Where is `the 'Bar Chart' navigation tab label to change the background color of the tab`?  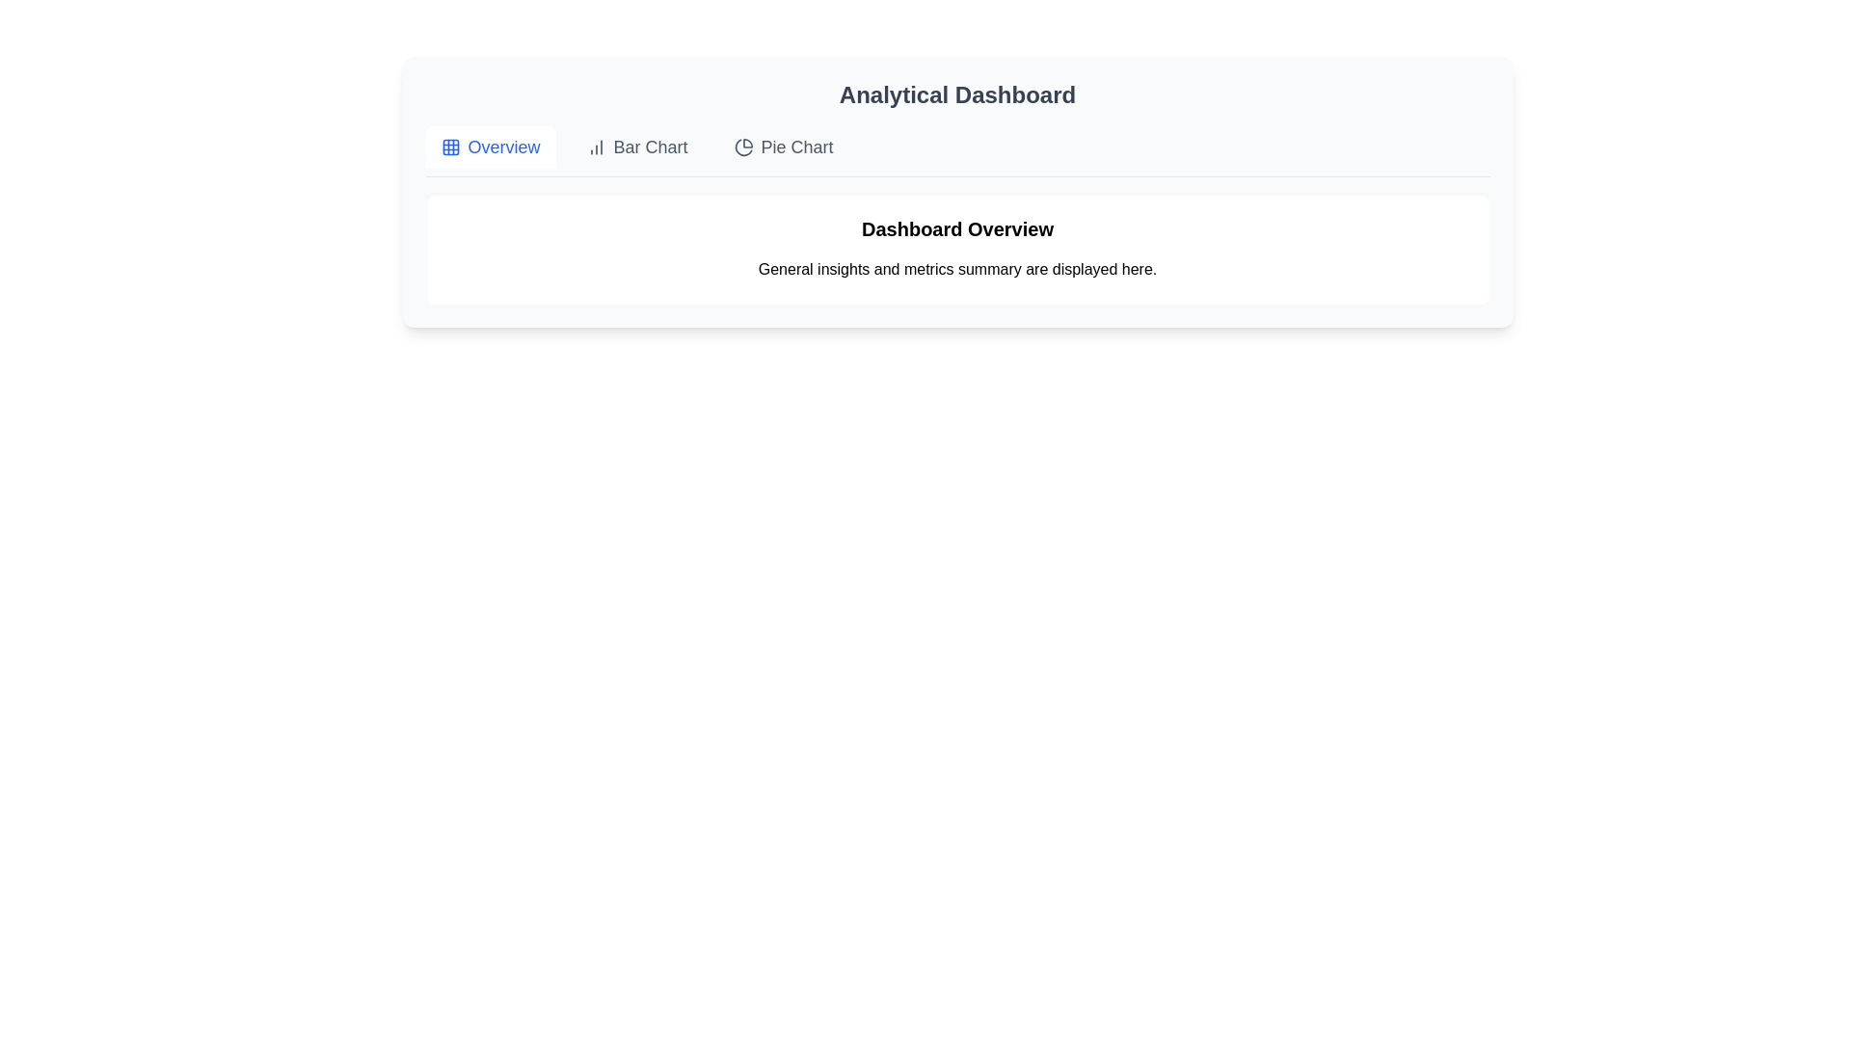 the 'Bar Chart' navigation tab label to change the background color of the tab is located at coordinates (651, 147).